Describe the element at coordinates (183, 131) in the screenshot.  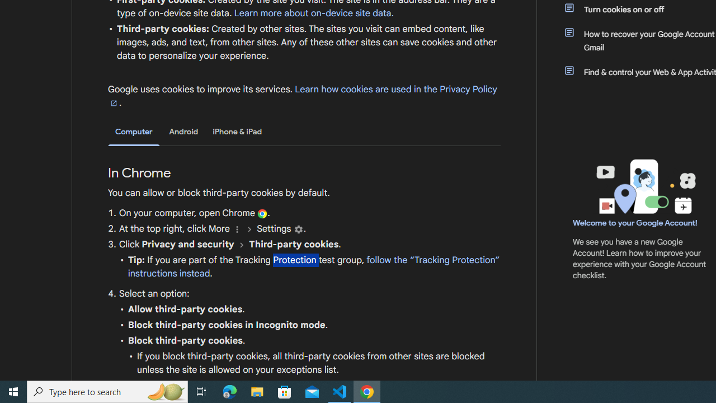
I see `'Android'` at that location.